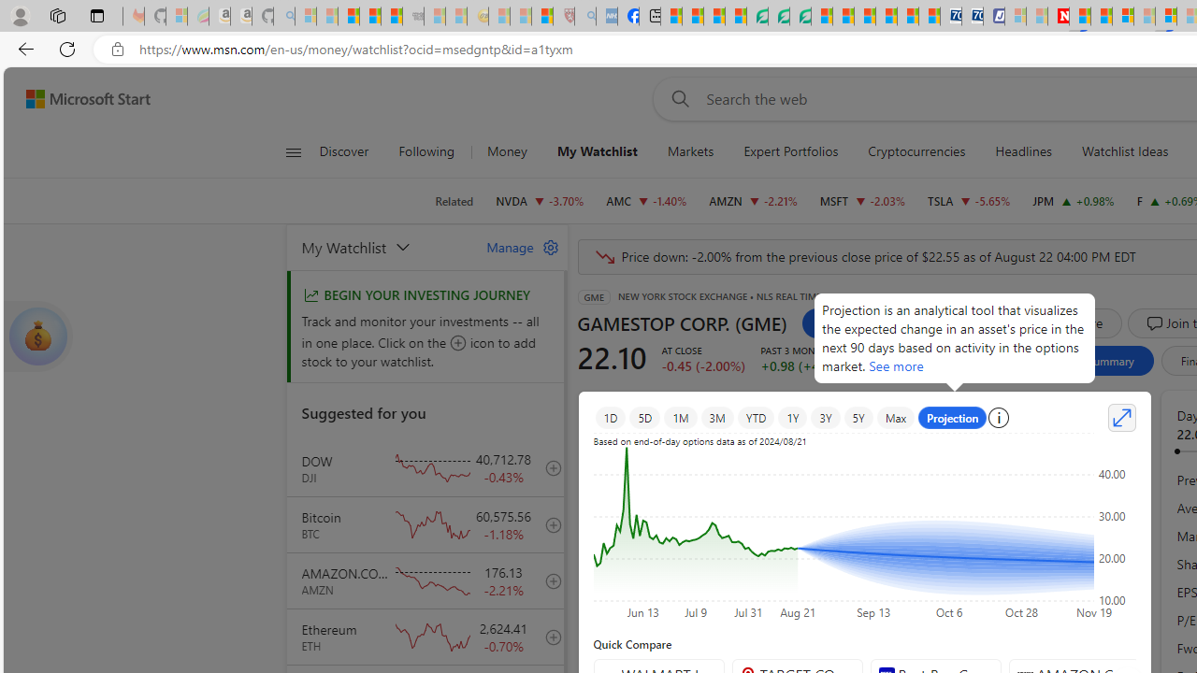  What do you see at coordinates (793, 417) in the screenshot?
I see `'1Y'` at bounding box center [793, 417].